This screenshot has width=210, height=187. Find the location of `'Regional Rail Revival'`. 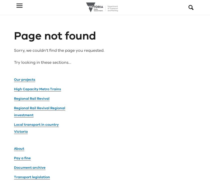

'Regional Rail Revival' is located at coordinates (31, 41).